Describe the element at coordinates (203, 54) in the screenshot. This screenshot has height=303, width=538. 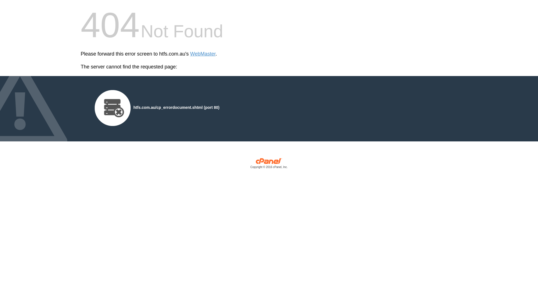
I see `'WebMaster'` at that location.